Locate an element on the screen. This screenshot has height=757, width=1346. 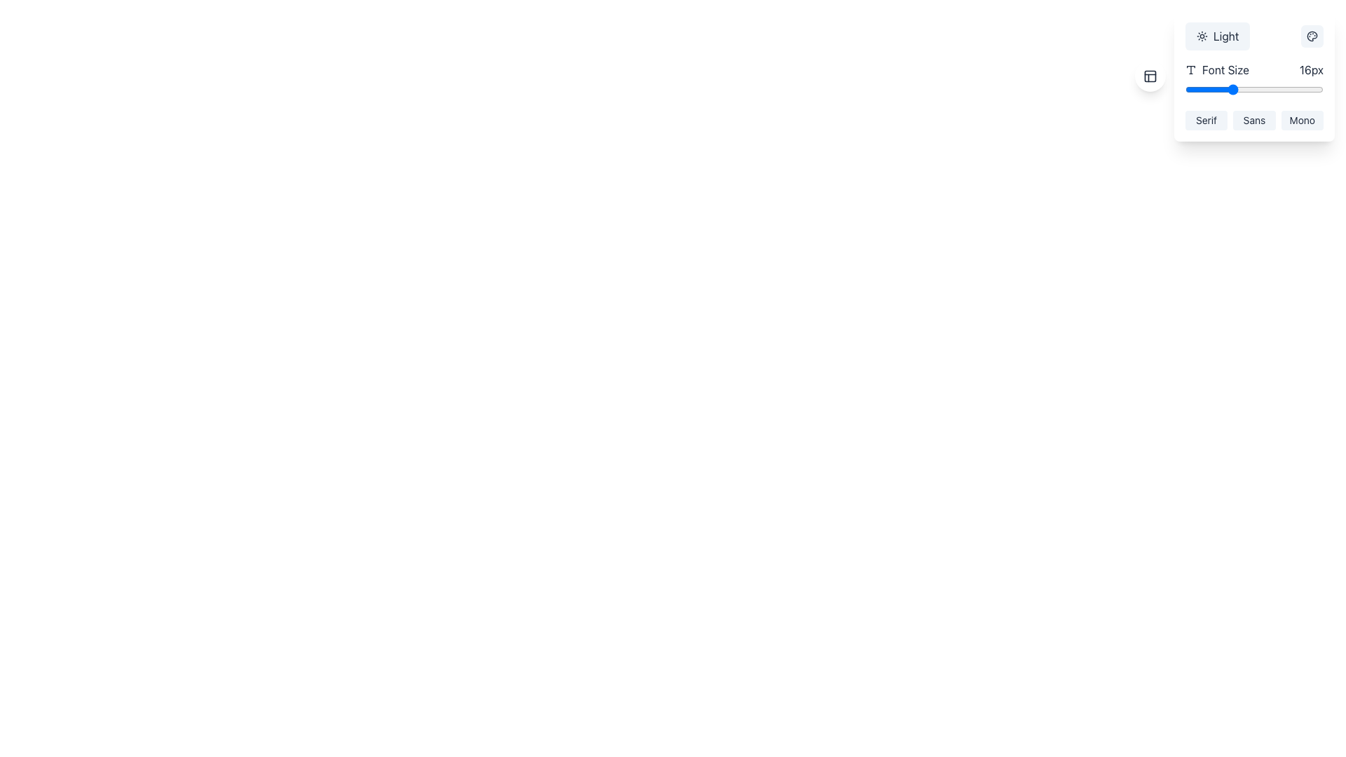
font size is located at coordinates (1243, 89).